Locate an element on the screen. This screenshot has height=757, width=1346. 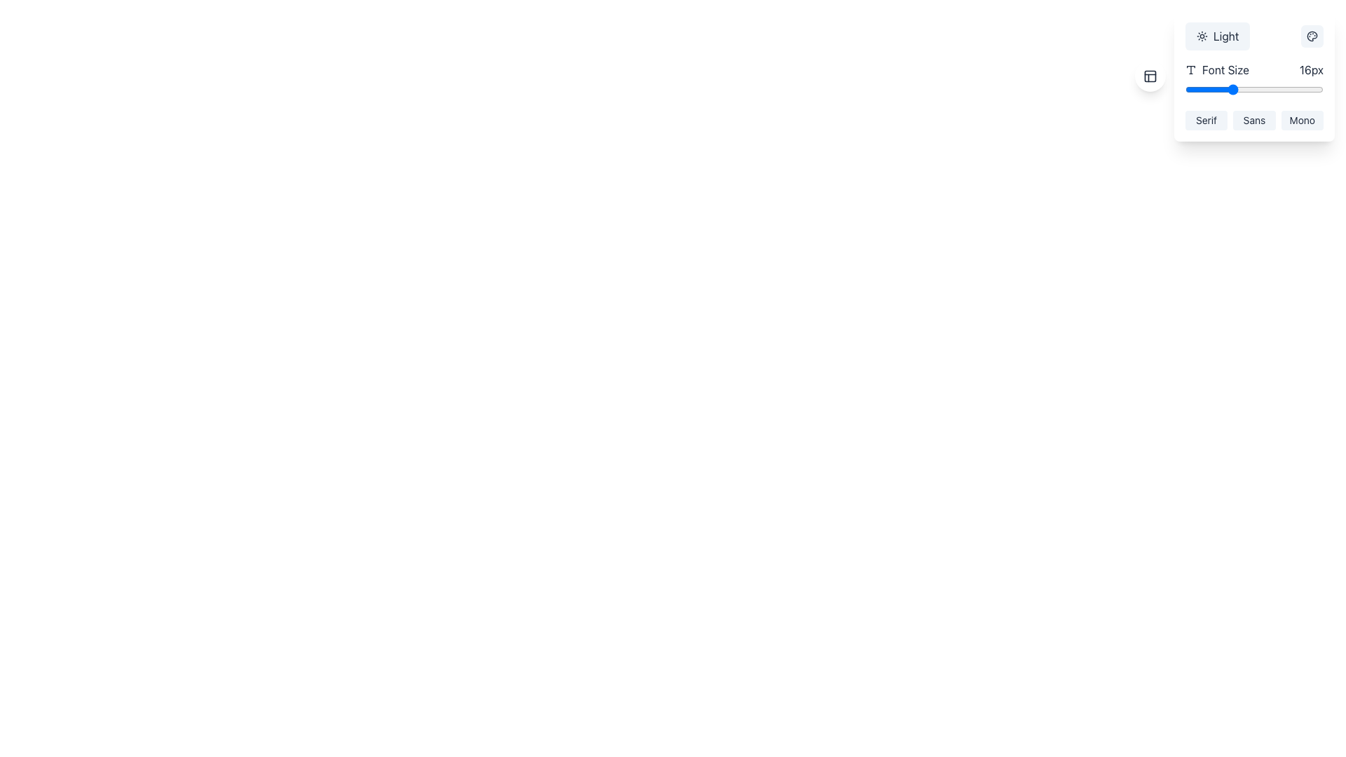
font size is located at coordinates (1243, 89).